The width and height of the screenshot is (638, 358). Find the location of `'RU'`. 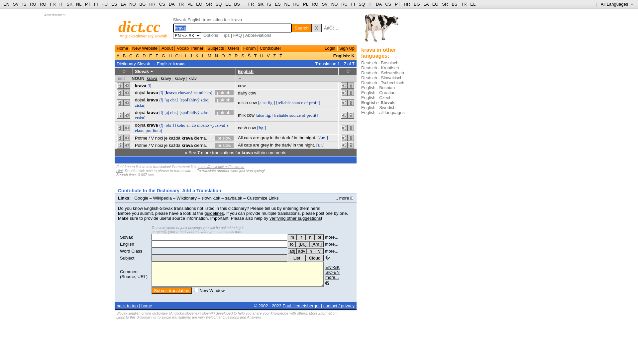

'RU' is located at coordinates (344, 4).